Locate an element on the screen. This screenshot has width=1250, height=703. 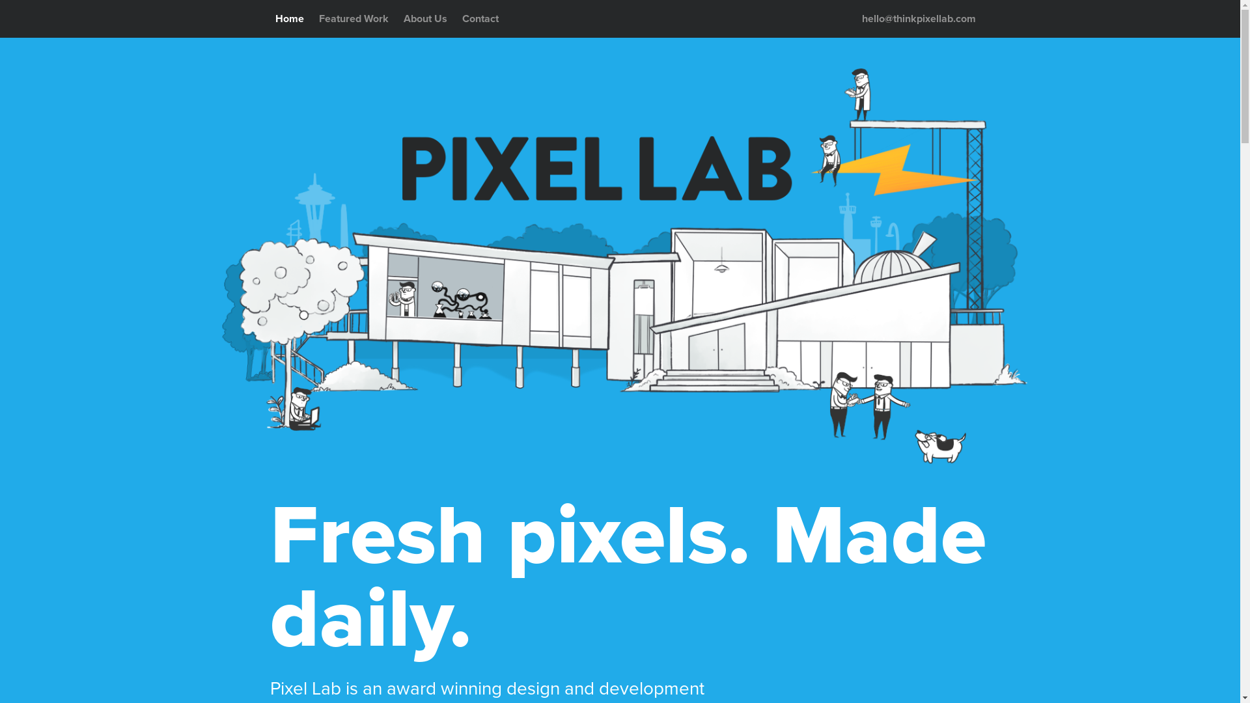
'Featured Work' is located at coordinates (313, 19).